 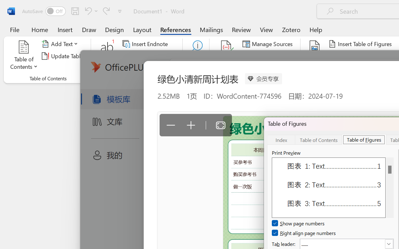 I want to click on 'Undo Apply Quick Style Set', so click(x=87, y=11).